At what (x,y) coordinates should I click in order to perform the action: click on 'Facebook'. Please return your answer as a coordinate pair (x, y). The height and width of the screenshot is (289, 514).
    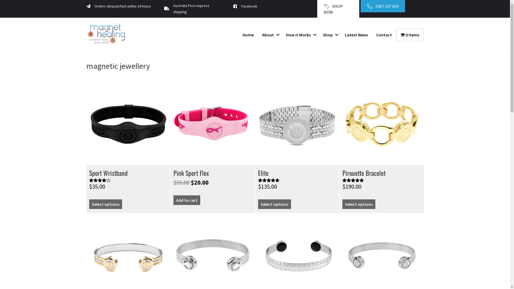
    Looking at the image, I should click on (249, 6).